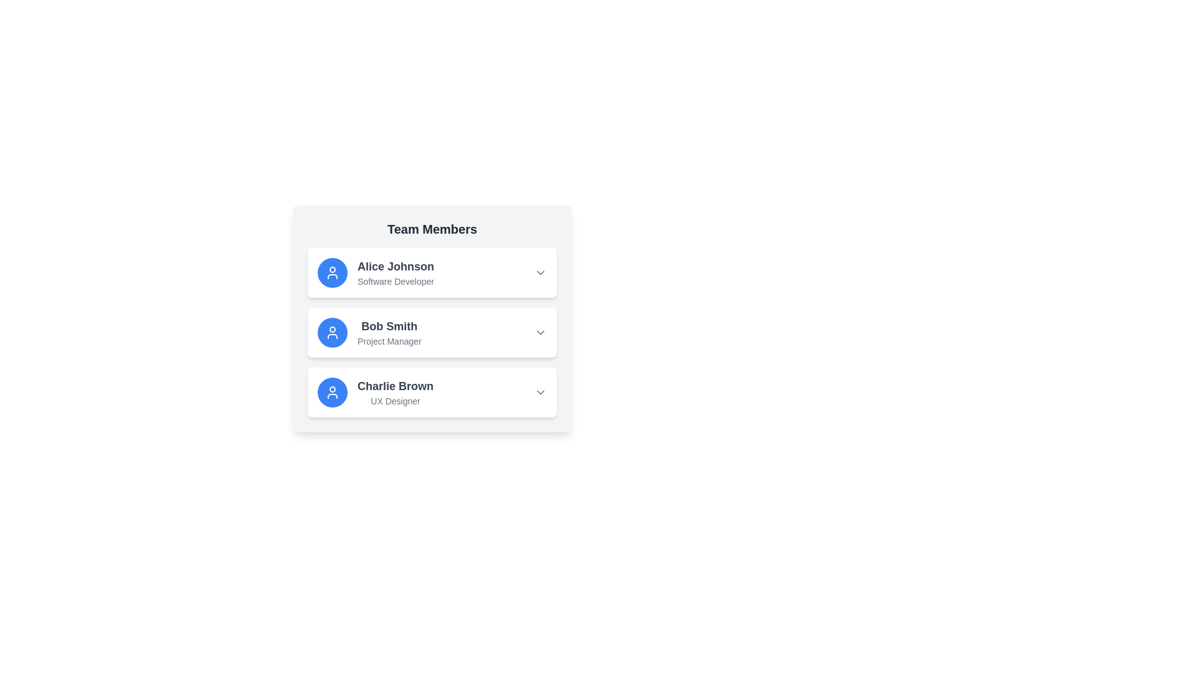 Image resolution: width=1196 pixels, height=673 pixels. Describe the element at coordinates (541, 391) in the screenshot. I see `the chevron icon located next to 'Charlie Brown' and 'UX Designer'` at that location.